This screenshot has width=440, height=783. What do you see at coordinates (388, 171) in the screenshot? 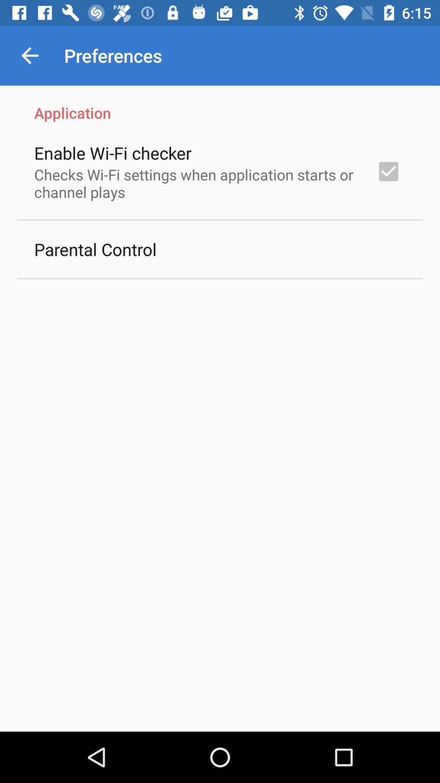
I see `the item next to checks wi fi icon` at bounding box center [388, 171].